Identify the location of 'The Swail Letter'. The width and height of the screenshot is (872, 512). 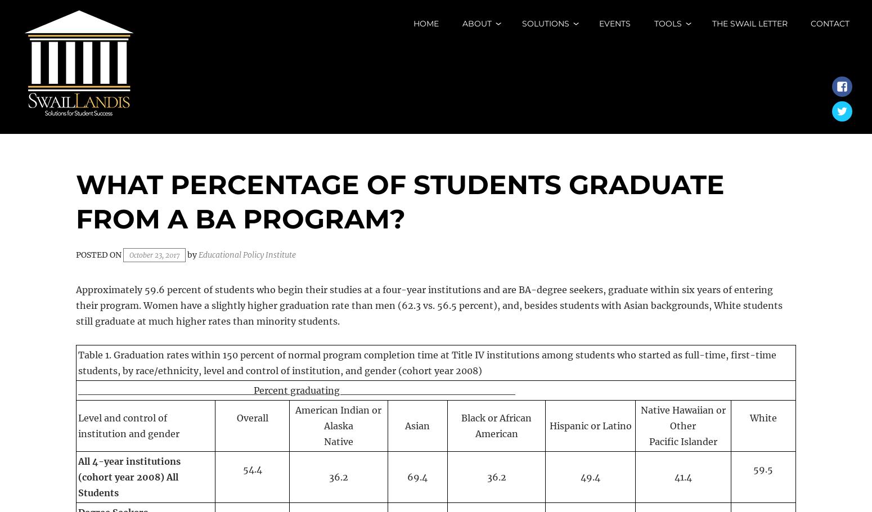
(749, 24).